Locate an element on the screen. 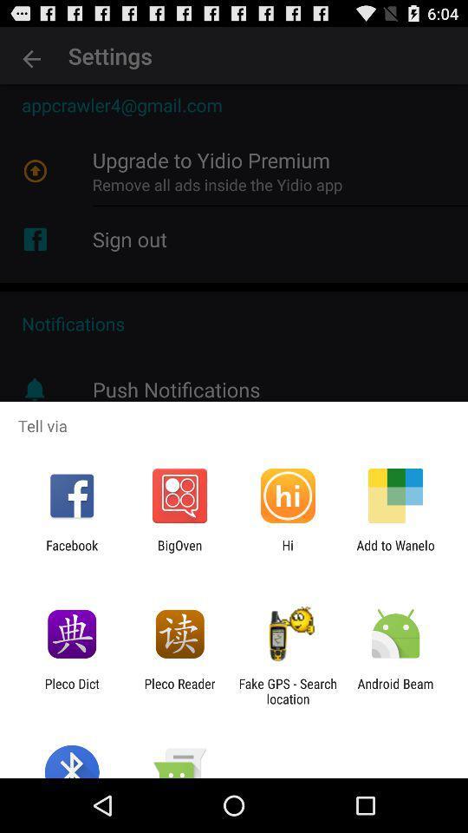 The width and height of the screenshot is (468, 833). icon to the left of the android beam icon is located at coordinates (288, 691).